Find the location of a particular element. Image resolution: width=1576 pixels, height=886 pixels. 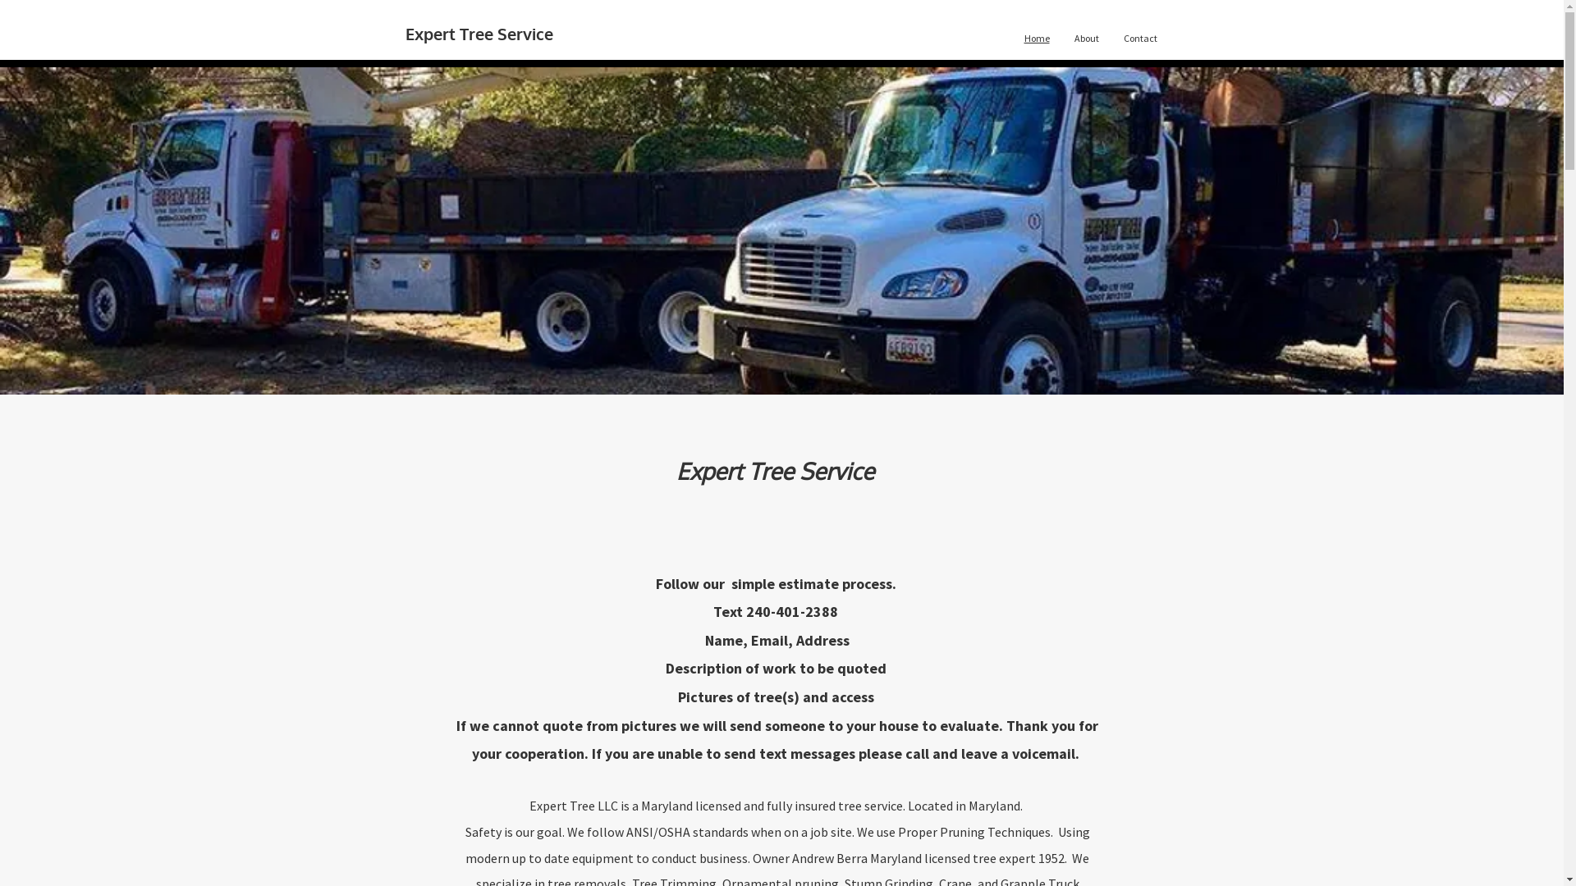

'Home' is located at coordinates (1010, 37).